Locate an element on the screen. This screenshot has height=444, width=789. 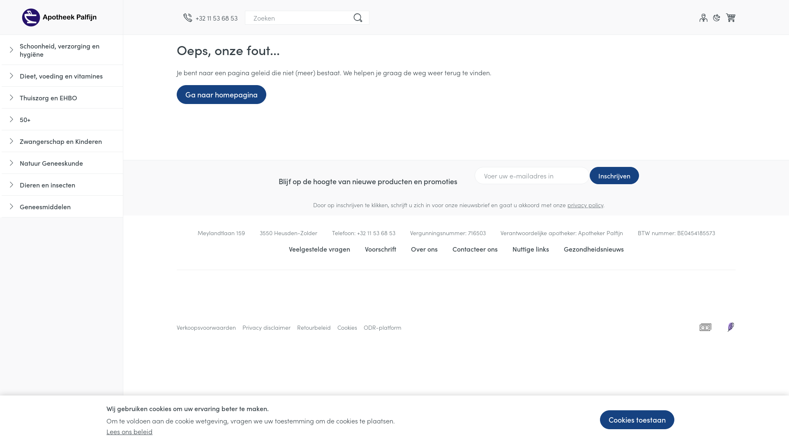
'Natuur Geneeskunde' is located at coordinates (62, 163).